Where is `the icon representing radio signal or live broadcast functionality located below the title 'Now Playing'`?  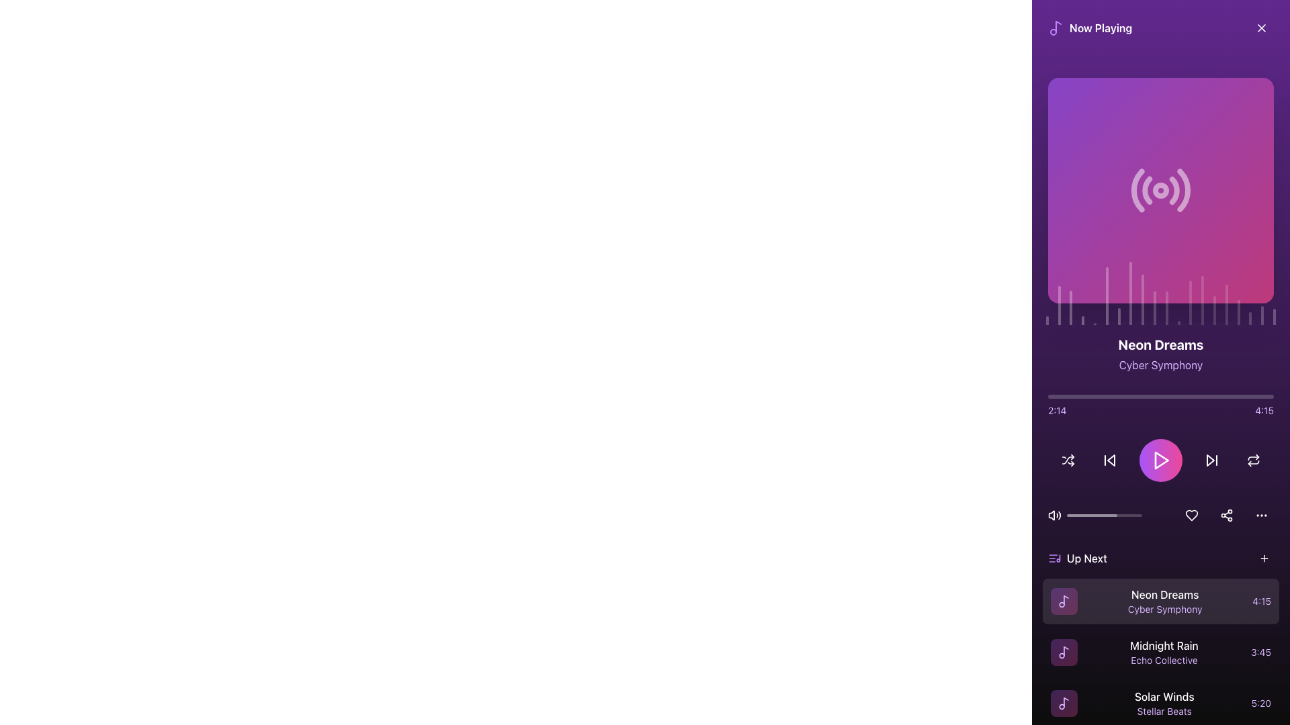
the icon representing radio signal or live broadcast functionality located below the title 'Now Playing' is located at coordinates (1160, 191).